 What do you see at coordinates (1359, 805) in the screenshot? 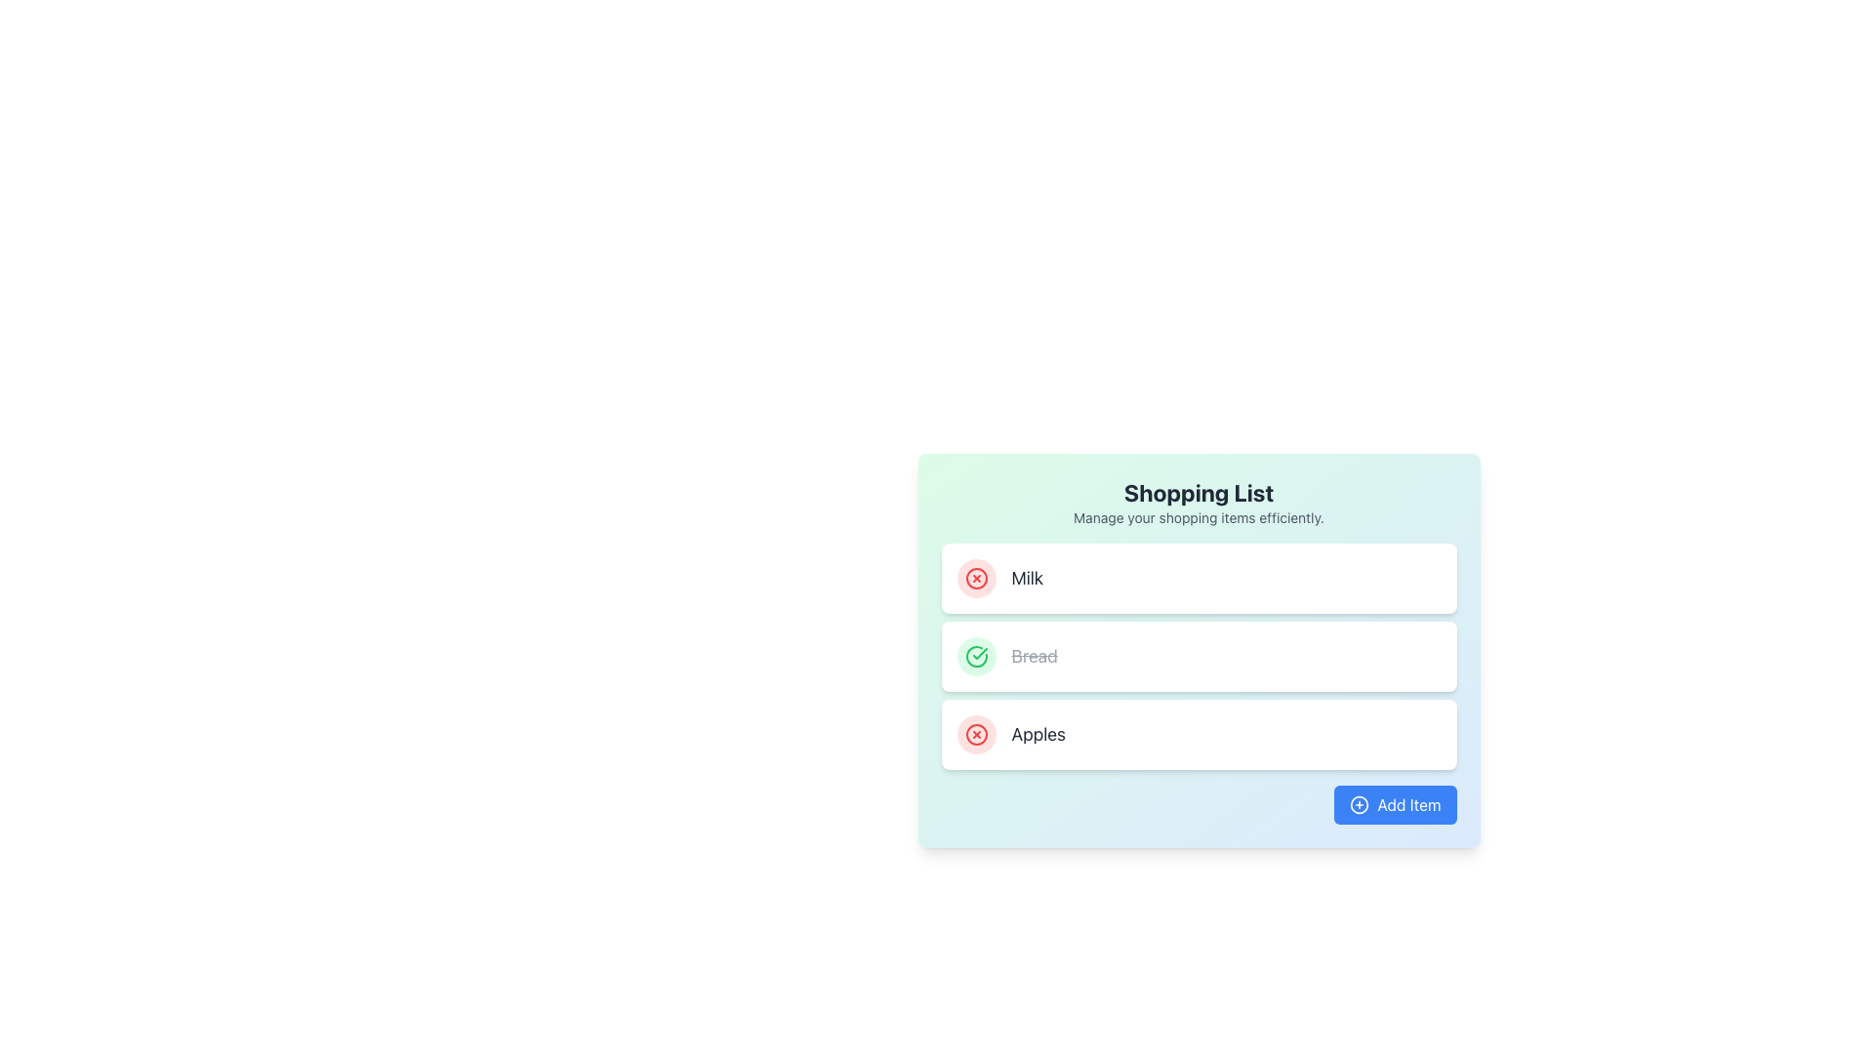
I see `the SVG Circle Element that is part of the 'Add Item' button at the bottom right corner of the shopping list UI` at bounding box center [1359, 805].